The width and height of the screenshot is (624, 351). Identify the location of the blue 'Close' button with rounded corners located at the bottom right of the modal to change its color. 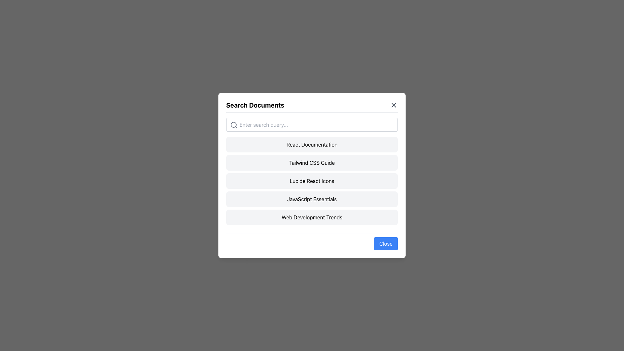
(386, 243).